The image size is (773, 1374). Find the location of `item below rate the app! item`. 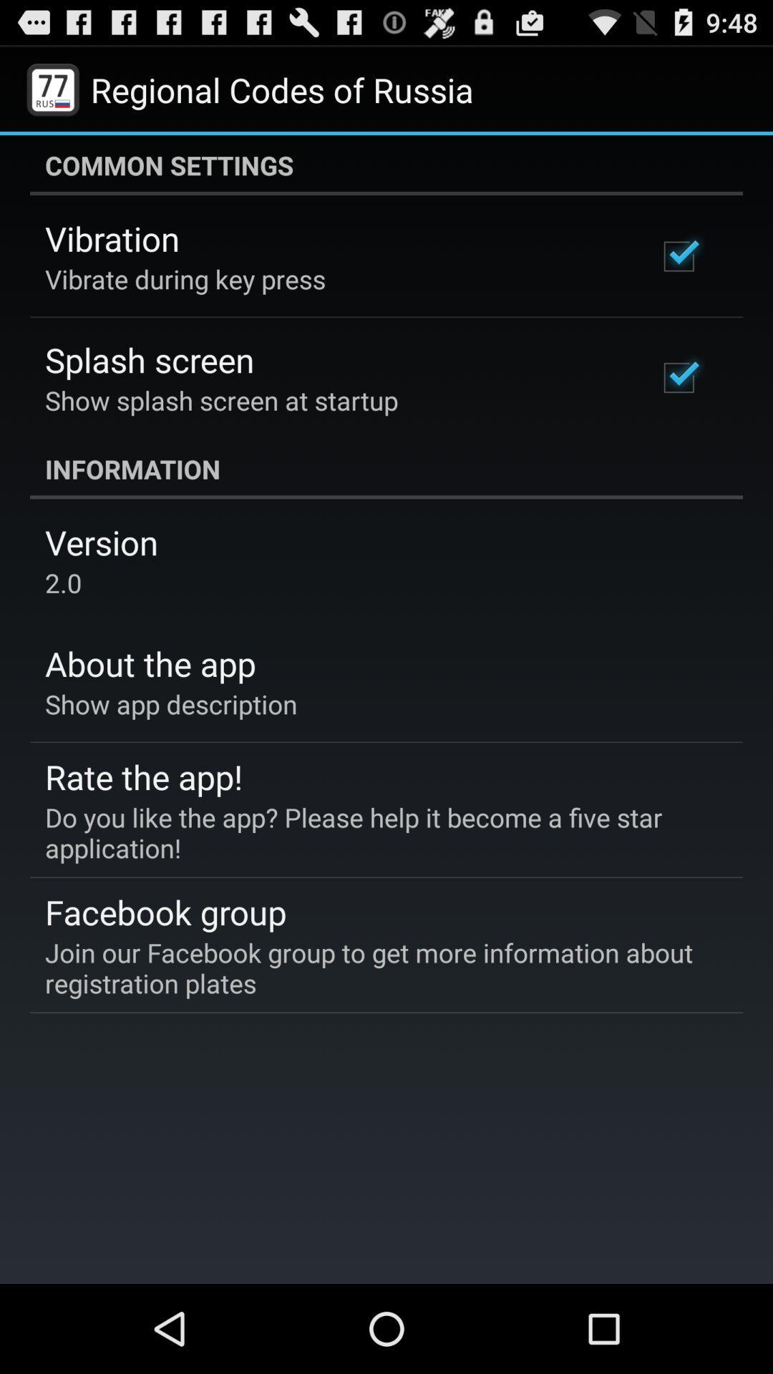

item below rate the app! item is located at coordinates (376, 832).